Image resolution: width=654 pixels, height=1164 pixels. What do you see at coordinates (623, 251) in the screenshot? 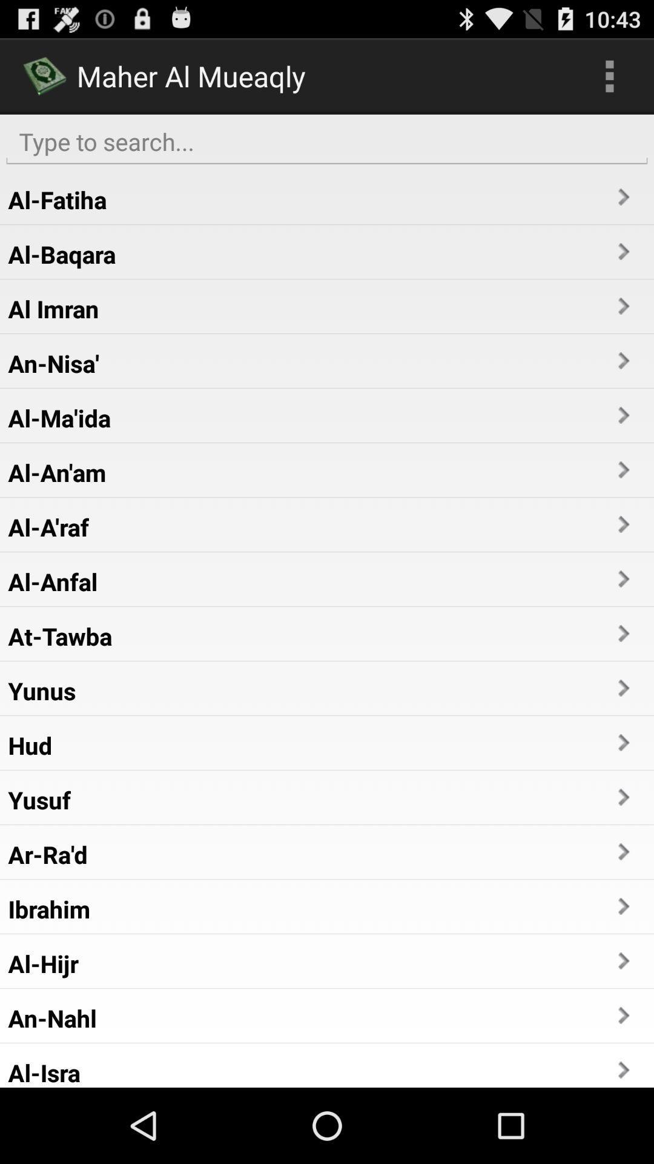
I see `item to the right of al-baqara icon` at bounding box center [623, 251].